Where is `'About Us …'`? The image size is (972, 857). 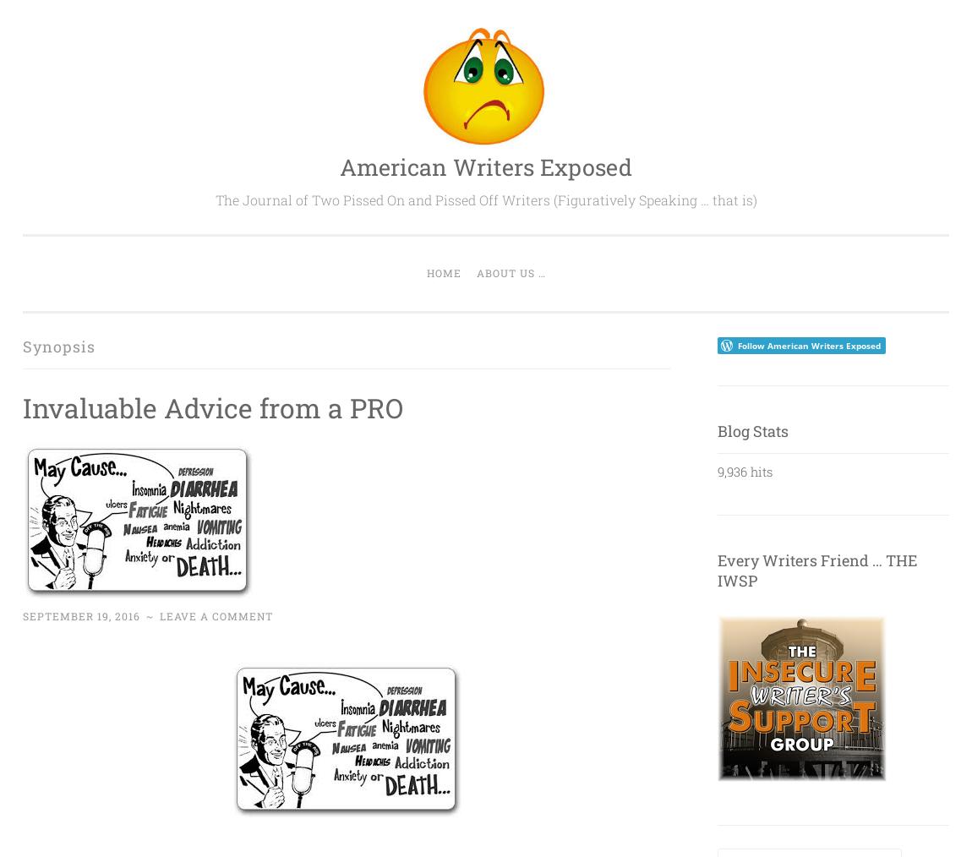
'About Us …' is located at coordinates (509, 272).